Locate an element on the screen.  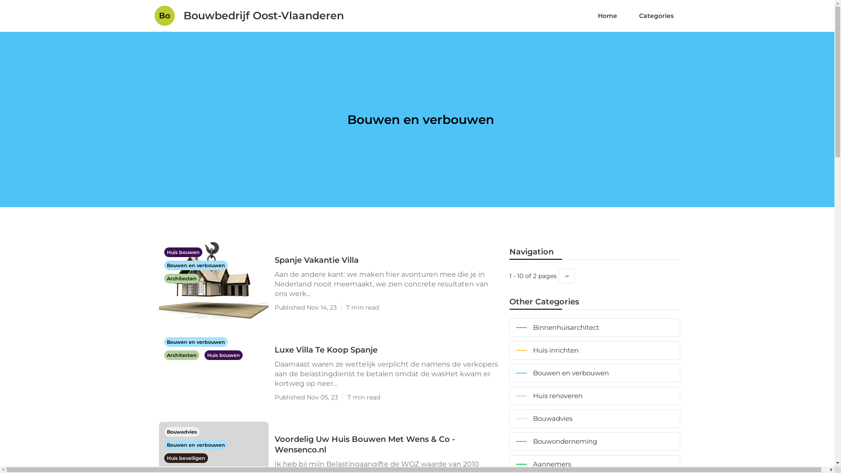
'Huis renoveren' is located at coordinates (594, 395).